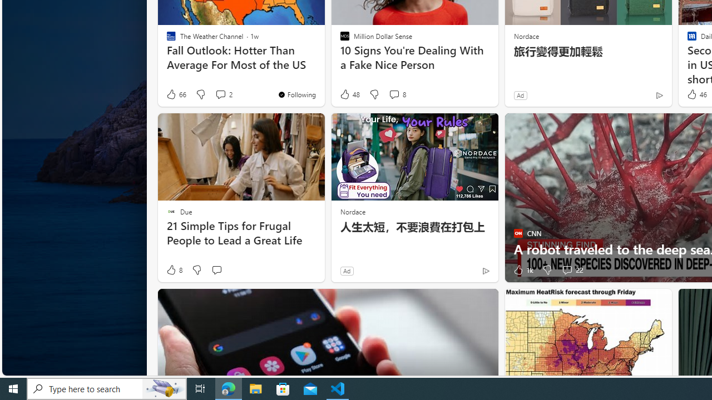  I want to click on 'You', so click(296, 93).